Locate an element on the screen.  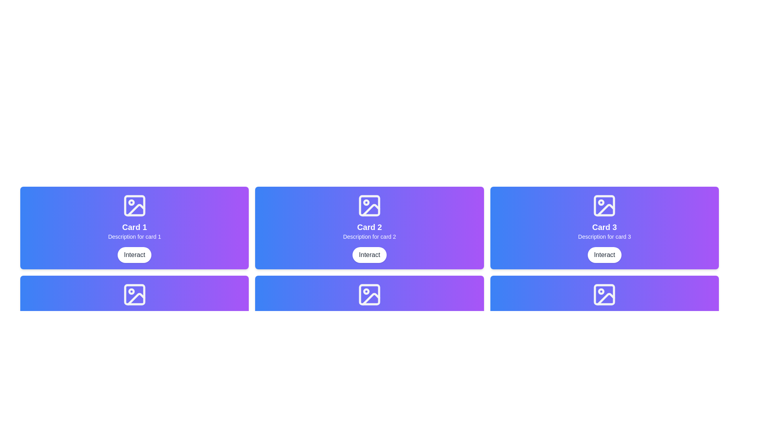
the Image Icon located at the center of the lower panel below the card labeled 'Card 2', which visually represents an image or graphic content is located at coordinates (369, 294).